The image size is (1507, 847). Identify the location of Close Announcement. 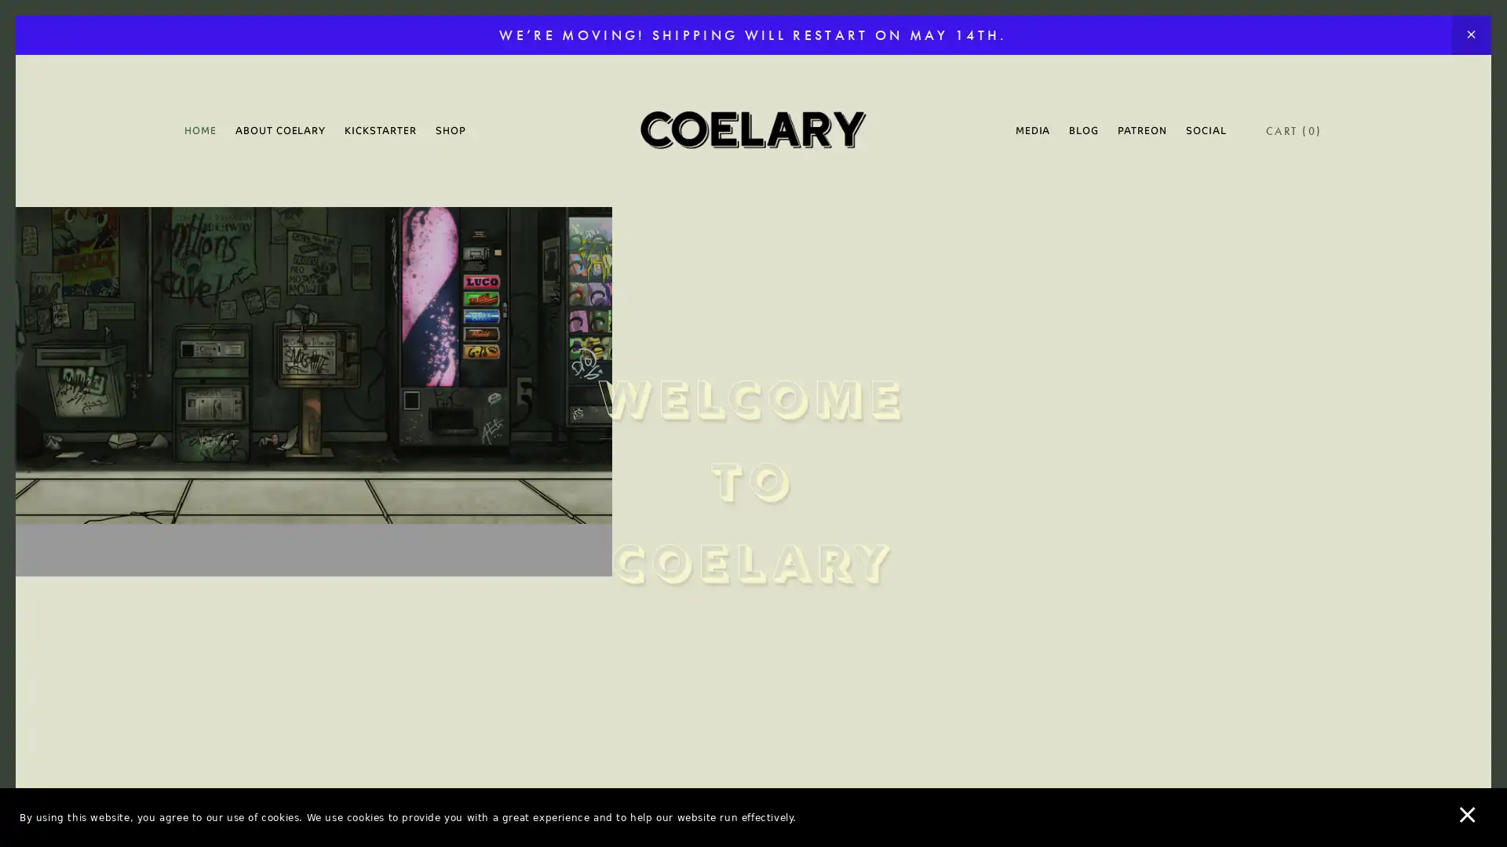
(1470, 35).